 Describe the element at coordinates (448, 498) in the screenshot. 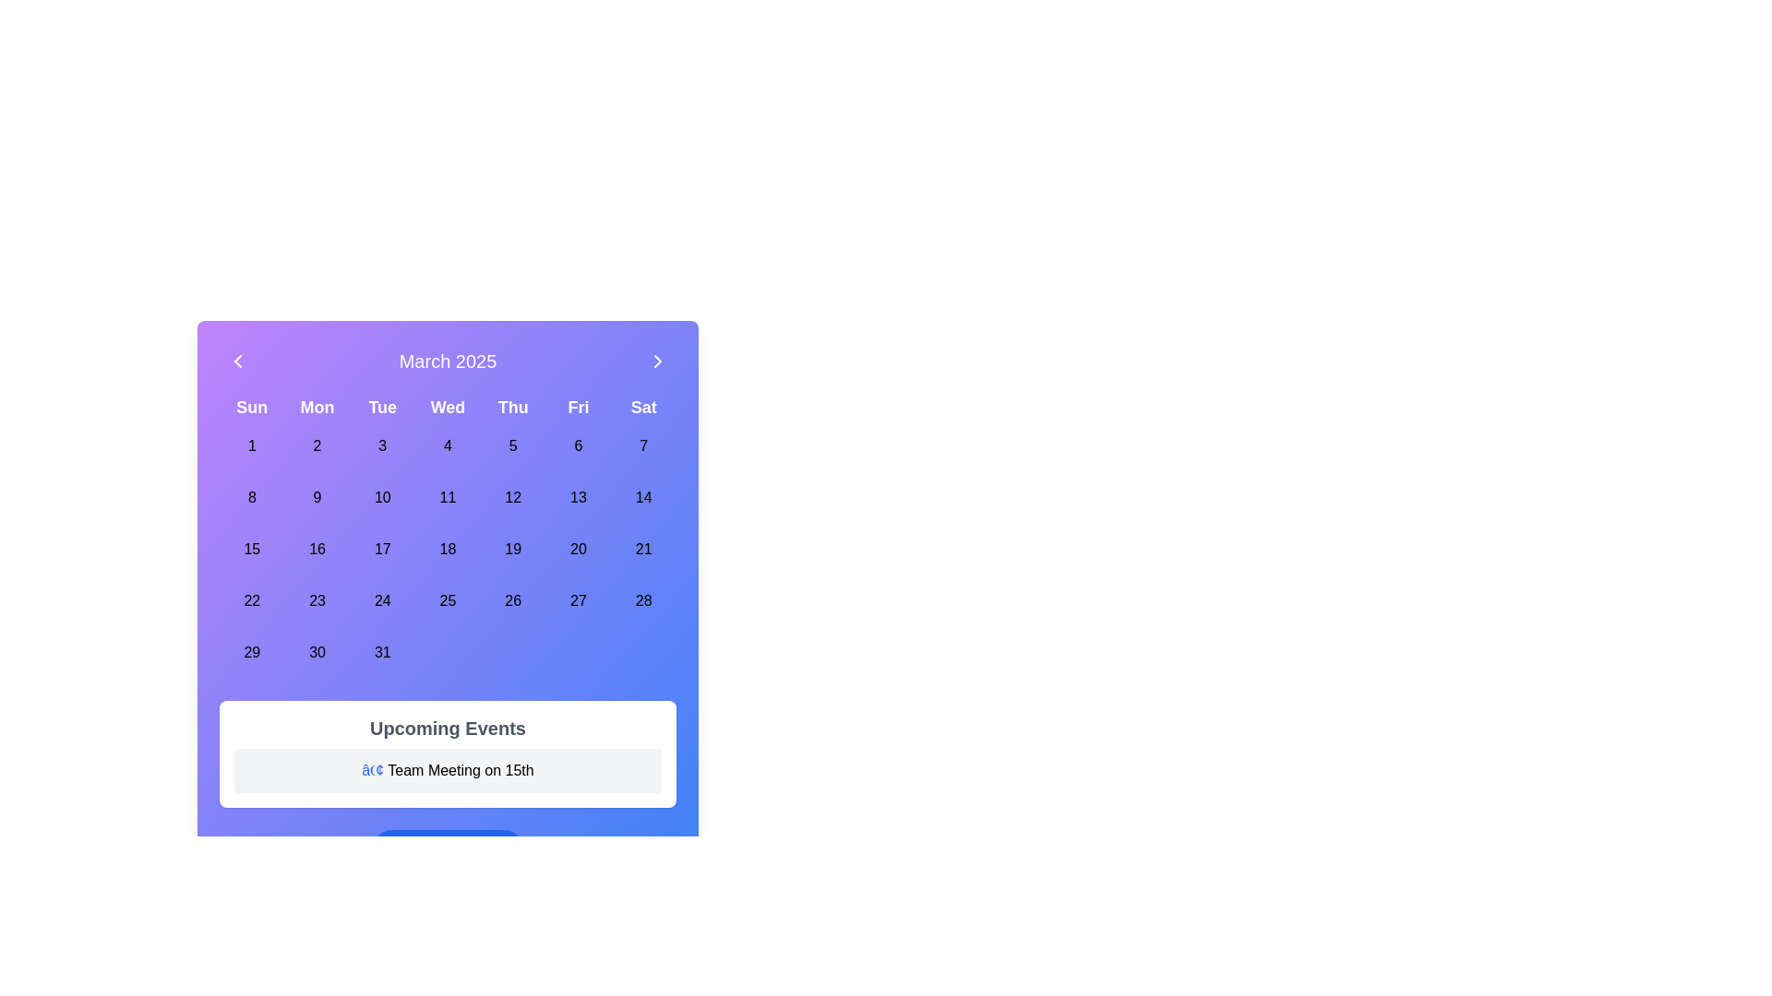

I see `the Interactive calendar day cell representing the 11th of the month, located under the 'Wed' column in the second row, to trigger styling changes` at that location.